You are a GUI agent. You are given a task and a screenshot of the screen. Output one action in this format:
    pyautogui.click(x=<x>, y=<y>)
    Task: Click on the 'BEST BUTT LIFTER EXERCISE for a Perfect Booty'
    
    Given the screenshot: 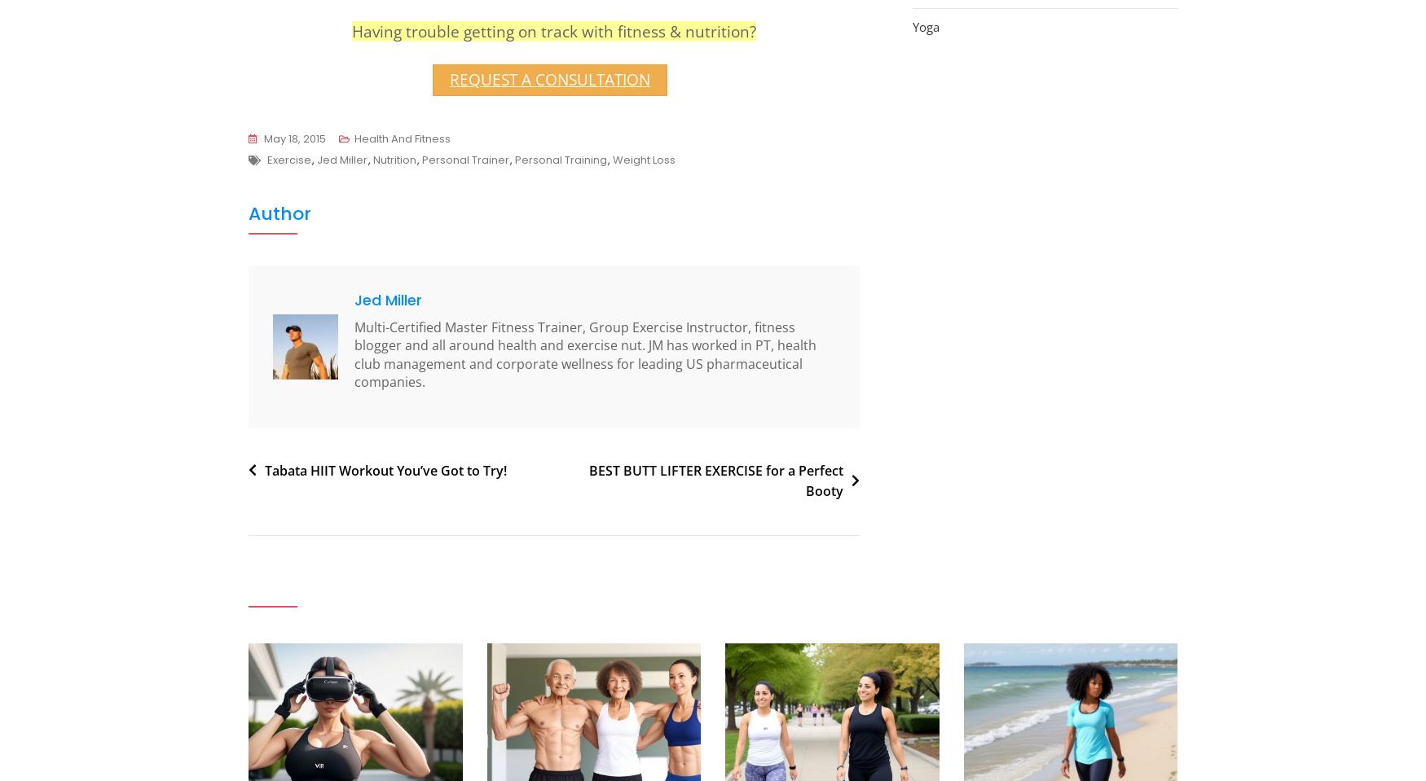 What is the action you would take?
    pyautogui.click(x=588, y=479)
    